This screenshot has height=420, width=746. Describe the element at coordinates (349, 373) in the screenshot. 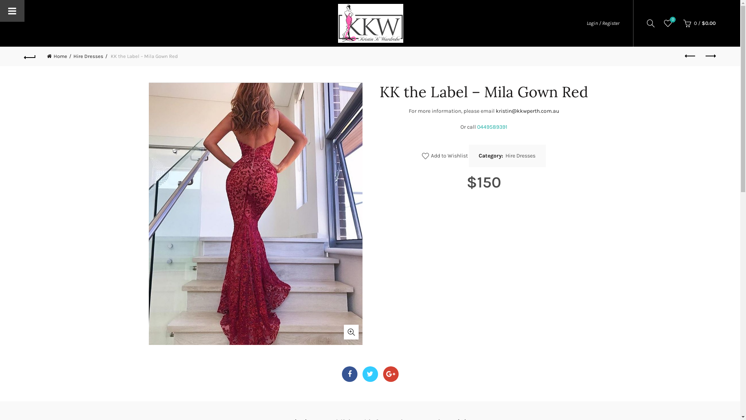

I see `'Facebook'` at that location.